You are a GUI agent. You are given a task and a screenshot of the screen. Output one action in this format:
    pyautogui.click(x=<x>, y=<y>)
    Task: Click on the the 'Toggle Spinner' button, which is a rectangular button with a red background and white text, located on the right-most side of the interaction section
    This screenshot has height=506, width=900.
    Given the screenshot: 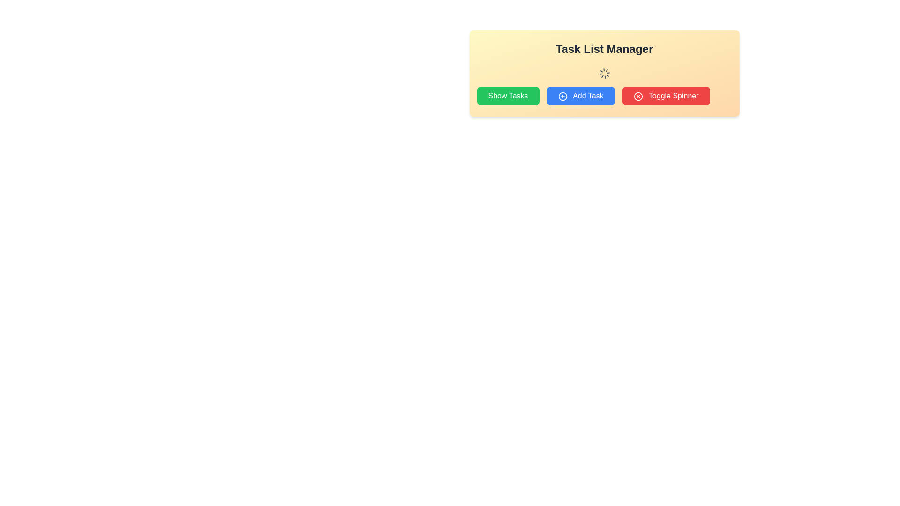 What is the action you would take?
    pyautogui.click(x=665, y=96)
    